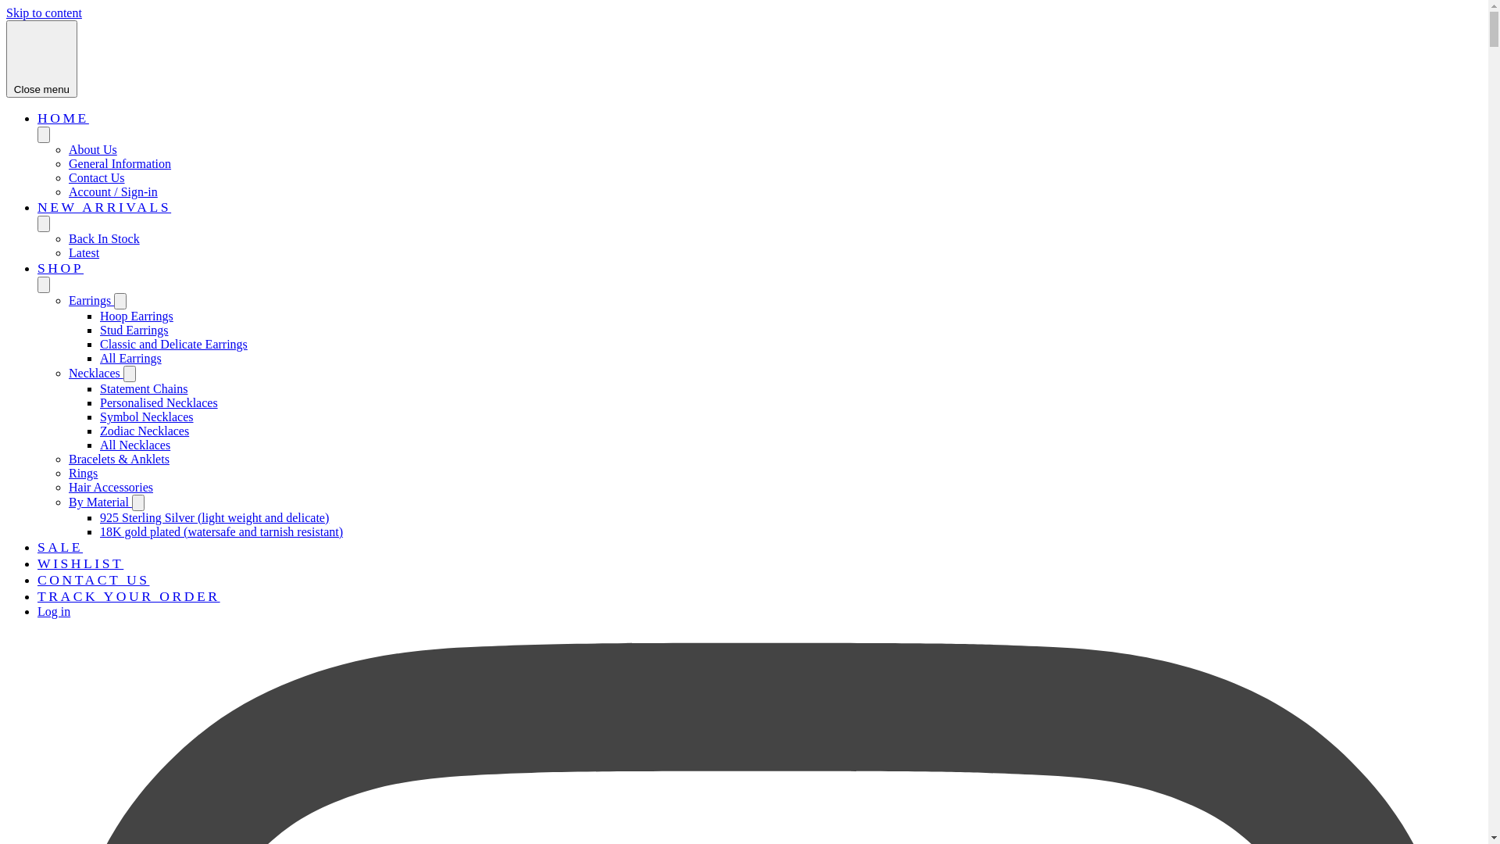 This screenshot has width=1500, height=844. I want to click on 'Stud Earrings', so click(134, 329).